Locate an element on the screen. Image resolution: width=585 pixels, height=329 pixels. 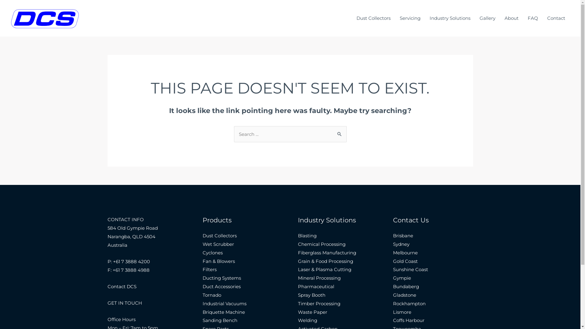
'Cyclones' is located at coordinates (212, 253).